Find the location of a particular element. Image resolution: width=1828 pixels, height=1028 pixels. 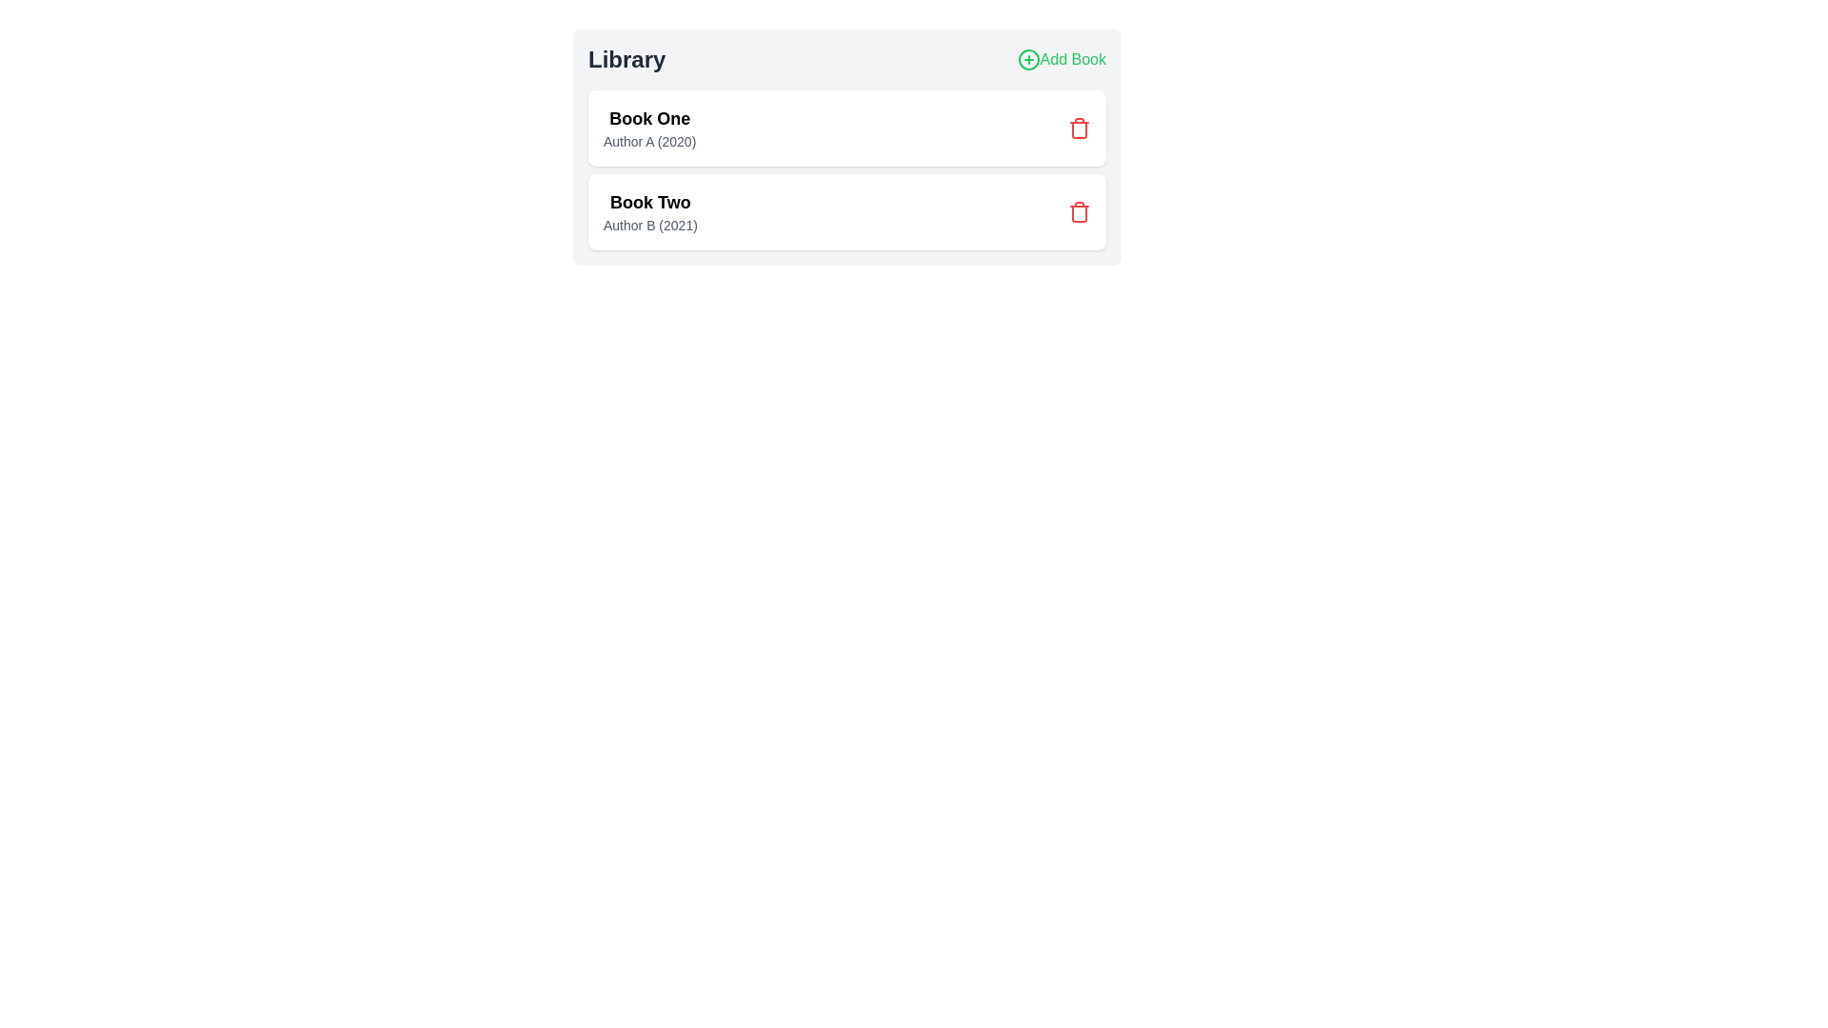

the interactive button in the top-right corner of the 'Library' section, next to the 'Add Book' label is located at coordinates (1027, 58).